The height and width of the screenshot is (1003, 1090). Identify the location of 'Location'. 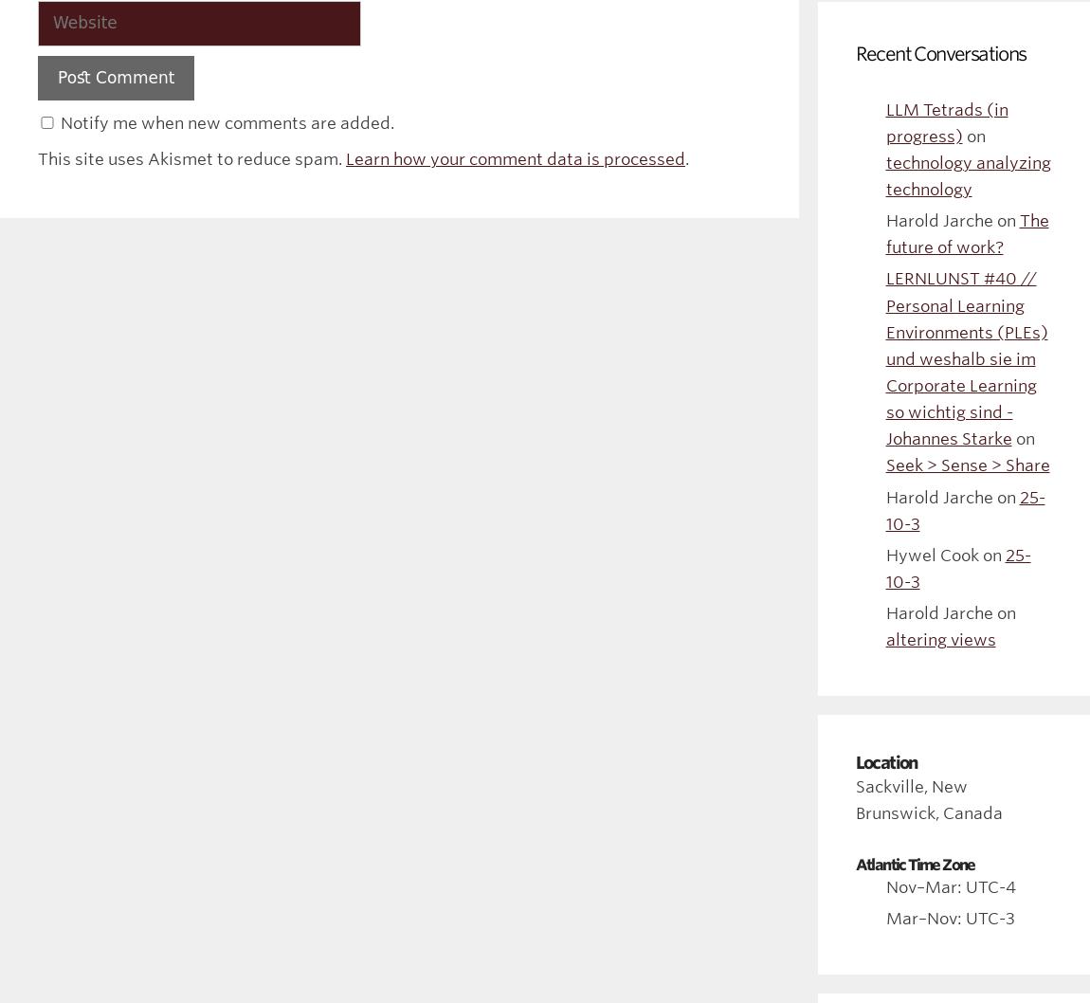
(854, 760).